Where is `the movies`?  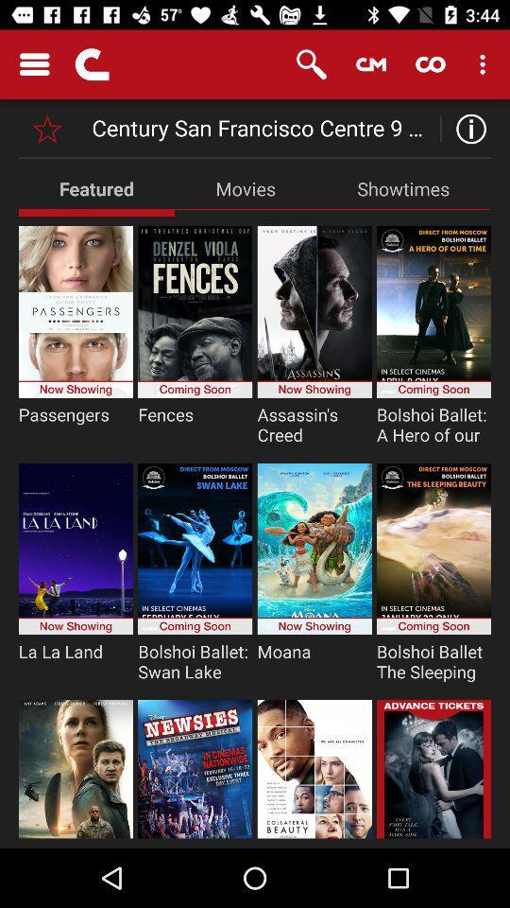 the movies is located at coordinates (246, 188).